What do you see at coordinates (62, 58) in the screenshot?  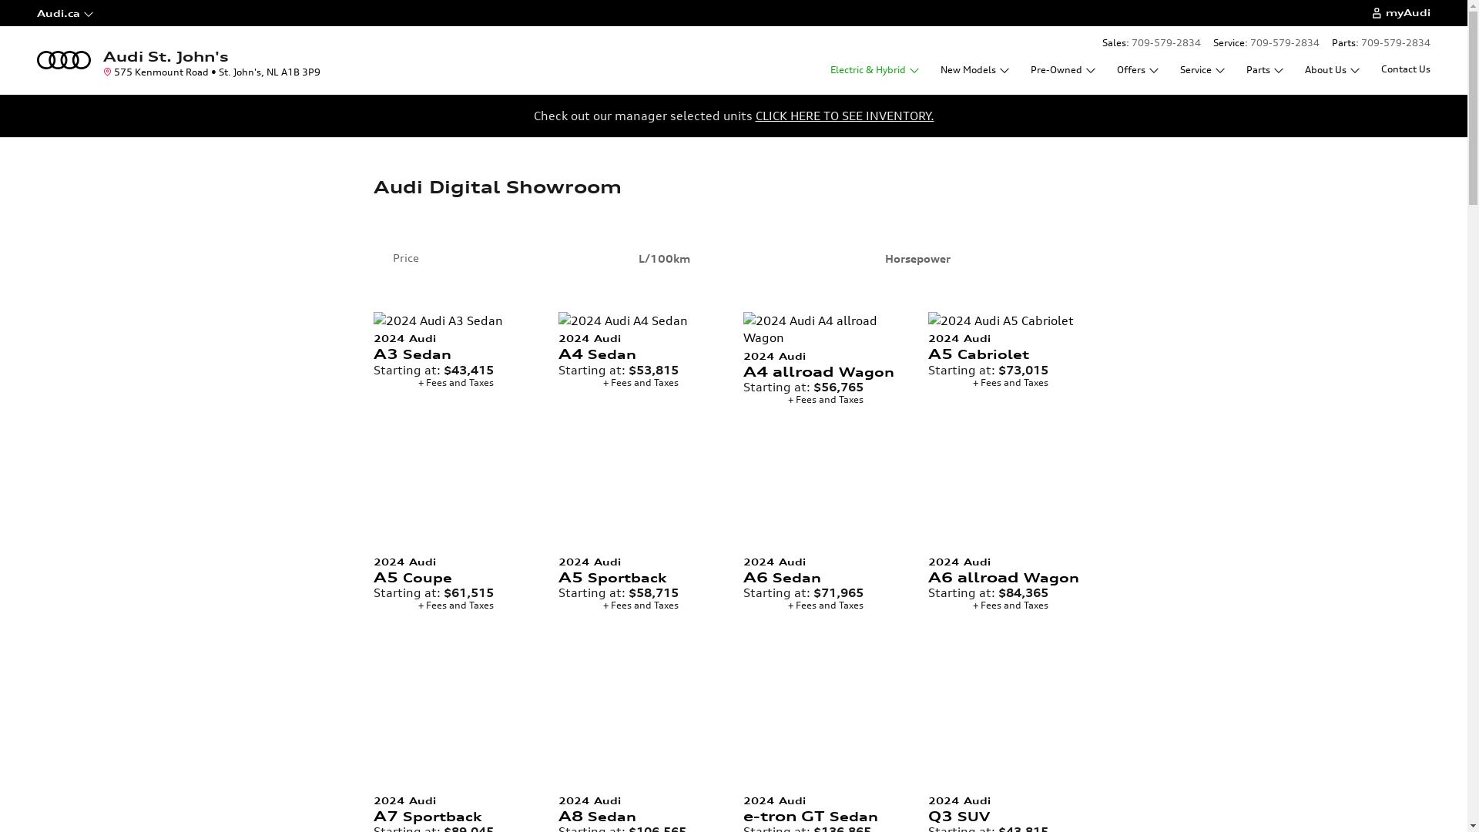 I see `'Home'` at bounding box center [62, 58].